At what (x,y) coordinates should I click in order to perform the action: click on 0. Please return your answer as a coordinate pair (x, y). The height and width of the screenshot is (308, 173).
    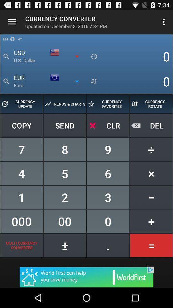
    Looking at the image, I should click on (108, 221).